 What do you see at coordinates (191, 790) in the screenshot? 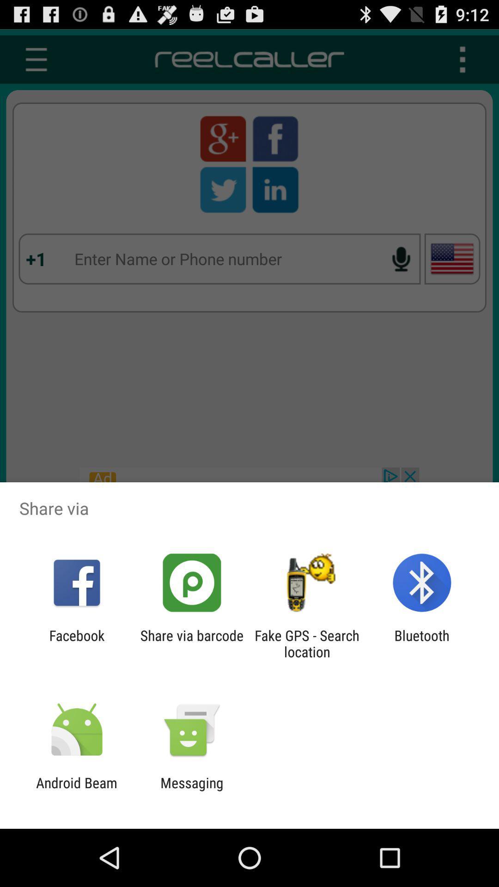
I see `messaging app` at bounding box center [191, 790].